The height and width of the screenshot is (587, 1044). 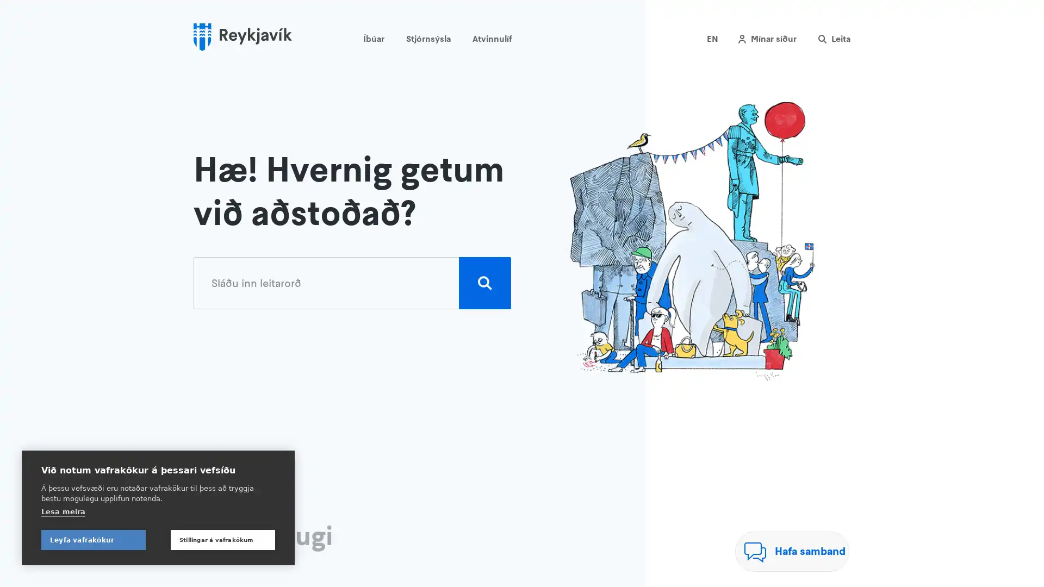 What do you see at coordinates (427, 36) in the screenshot?
I see `Stjornsysla` at bounding box center [427, 36].